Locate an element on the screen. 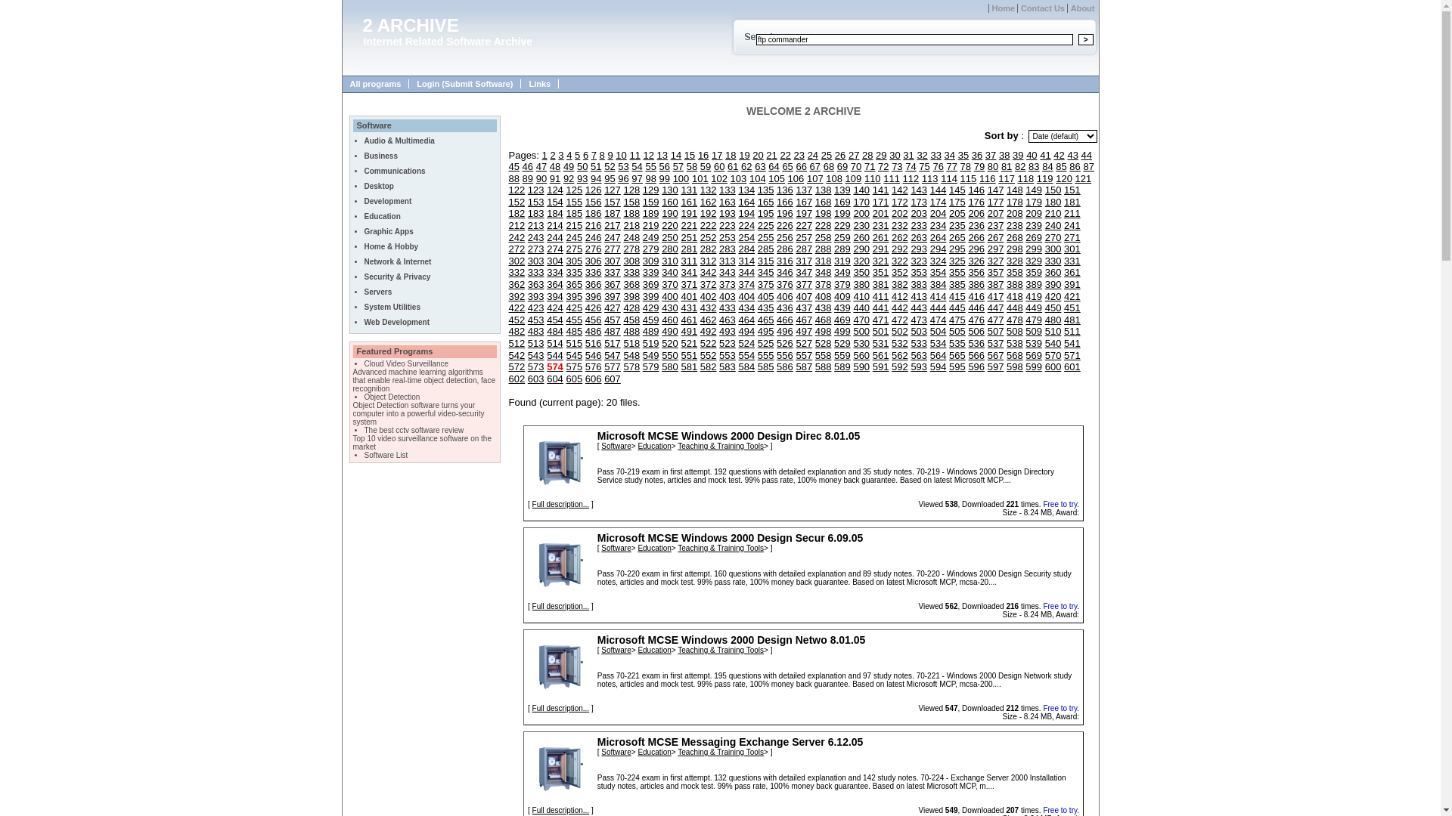  '604' is located at coordinates (554, 378).